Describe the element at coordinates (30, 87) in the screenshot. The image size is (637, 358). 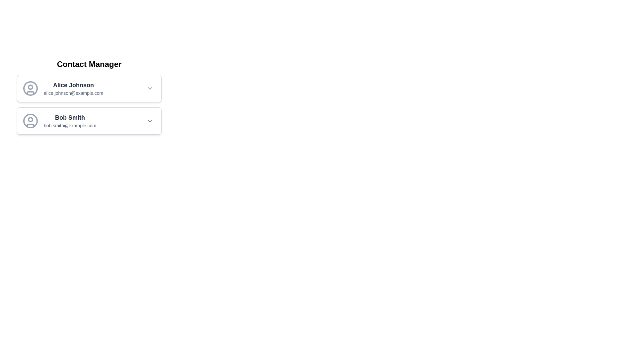
I see `the Circle element that represents a decorative part of the user profile icon, located within the first contact card under the text 'Alice Johnson'` at that location.